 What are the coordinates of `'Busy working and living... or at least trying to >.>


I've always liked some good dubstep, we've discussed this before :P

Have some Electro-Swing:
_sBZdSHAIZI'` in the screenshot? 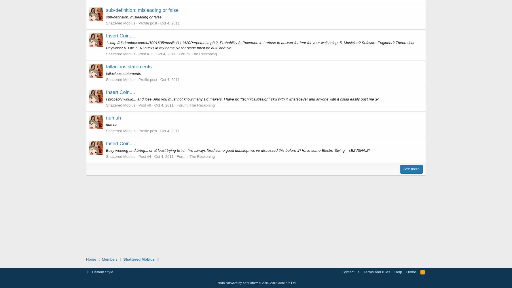 It's located at (238, 150).